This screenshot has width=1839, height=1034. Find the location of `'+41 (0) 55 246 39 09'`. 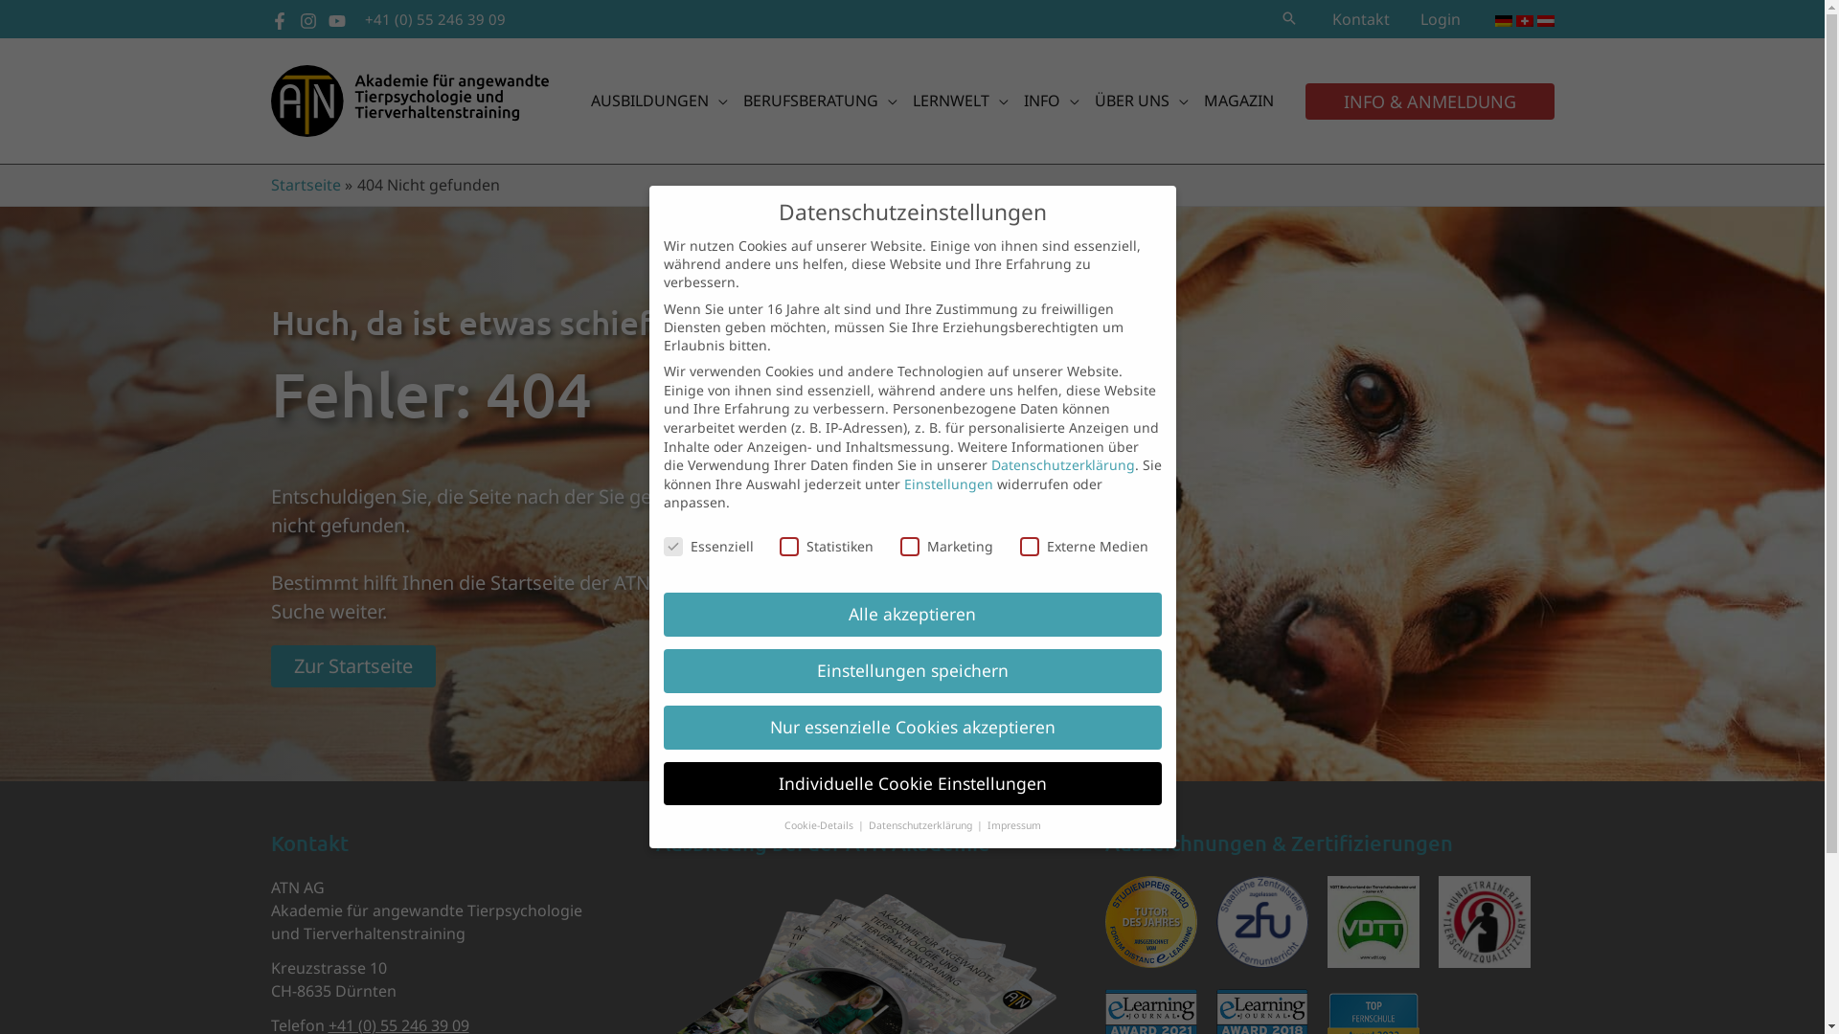

'+41 (0) 55 246 39 09' is located at coordinates (433, 18).